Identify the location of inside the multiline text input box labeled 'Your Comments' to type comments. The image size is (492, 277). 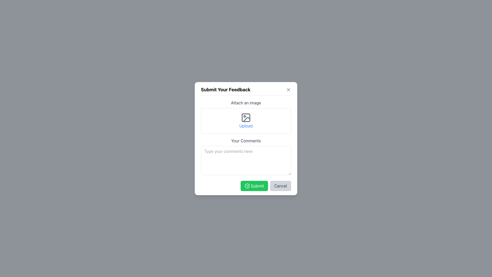
(246, 145).